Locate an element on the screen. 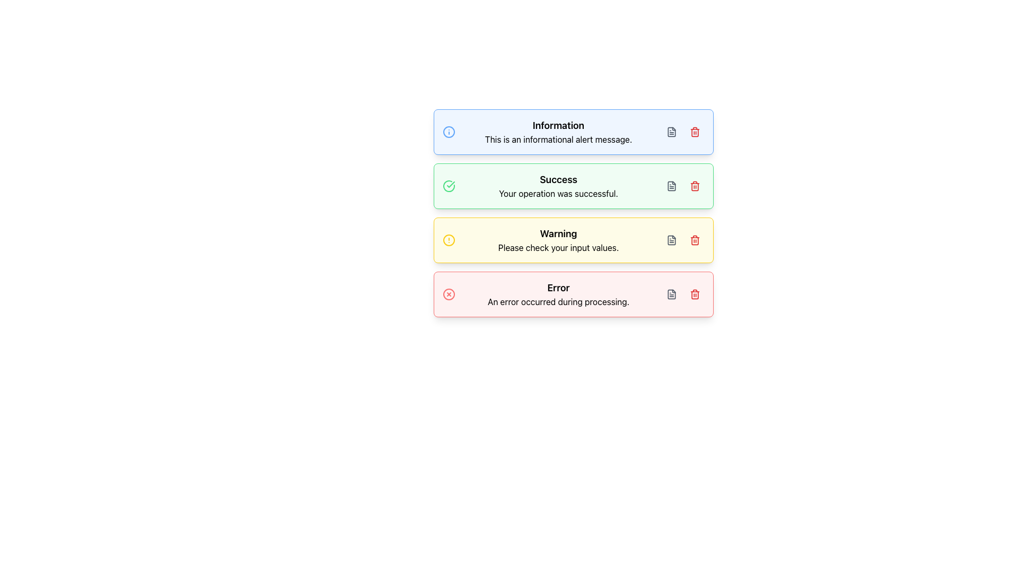  the gray document icon located in the bottom-right section of the warning message box, which is part of an icon group containing a red trash icon is located at coordinates (683, 240).